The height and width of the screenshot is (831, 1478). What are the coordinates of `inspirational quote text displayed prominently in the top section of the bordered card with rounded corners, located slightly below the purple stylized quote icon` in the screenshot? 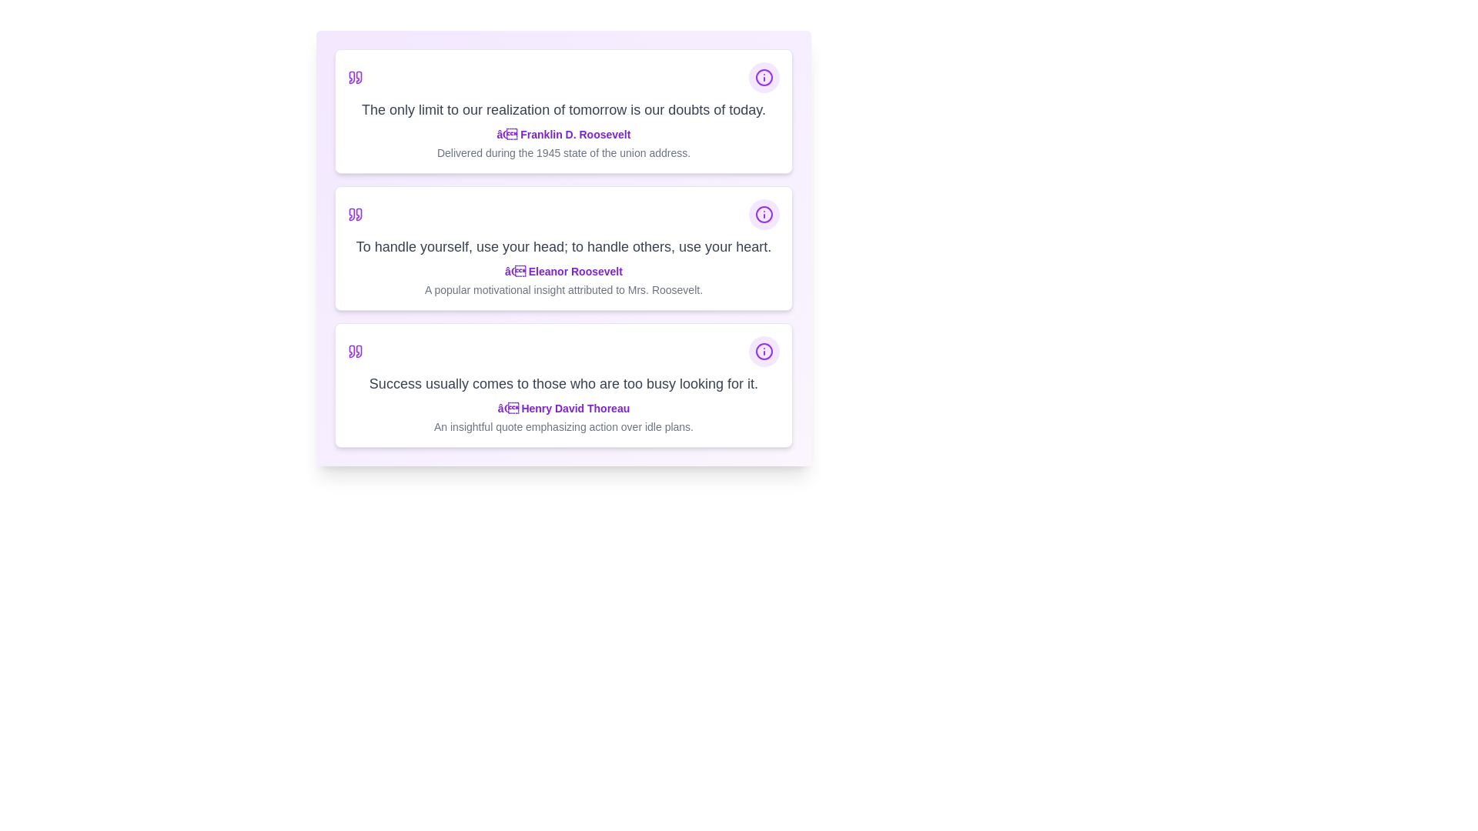 It's located at (563, 108).